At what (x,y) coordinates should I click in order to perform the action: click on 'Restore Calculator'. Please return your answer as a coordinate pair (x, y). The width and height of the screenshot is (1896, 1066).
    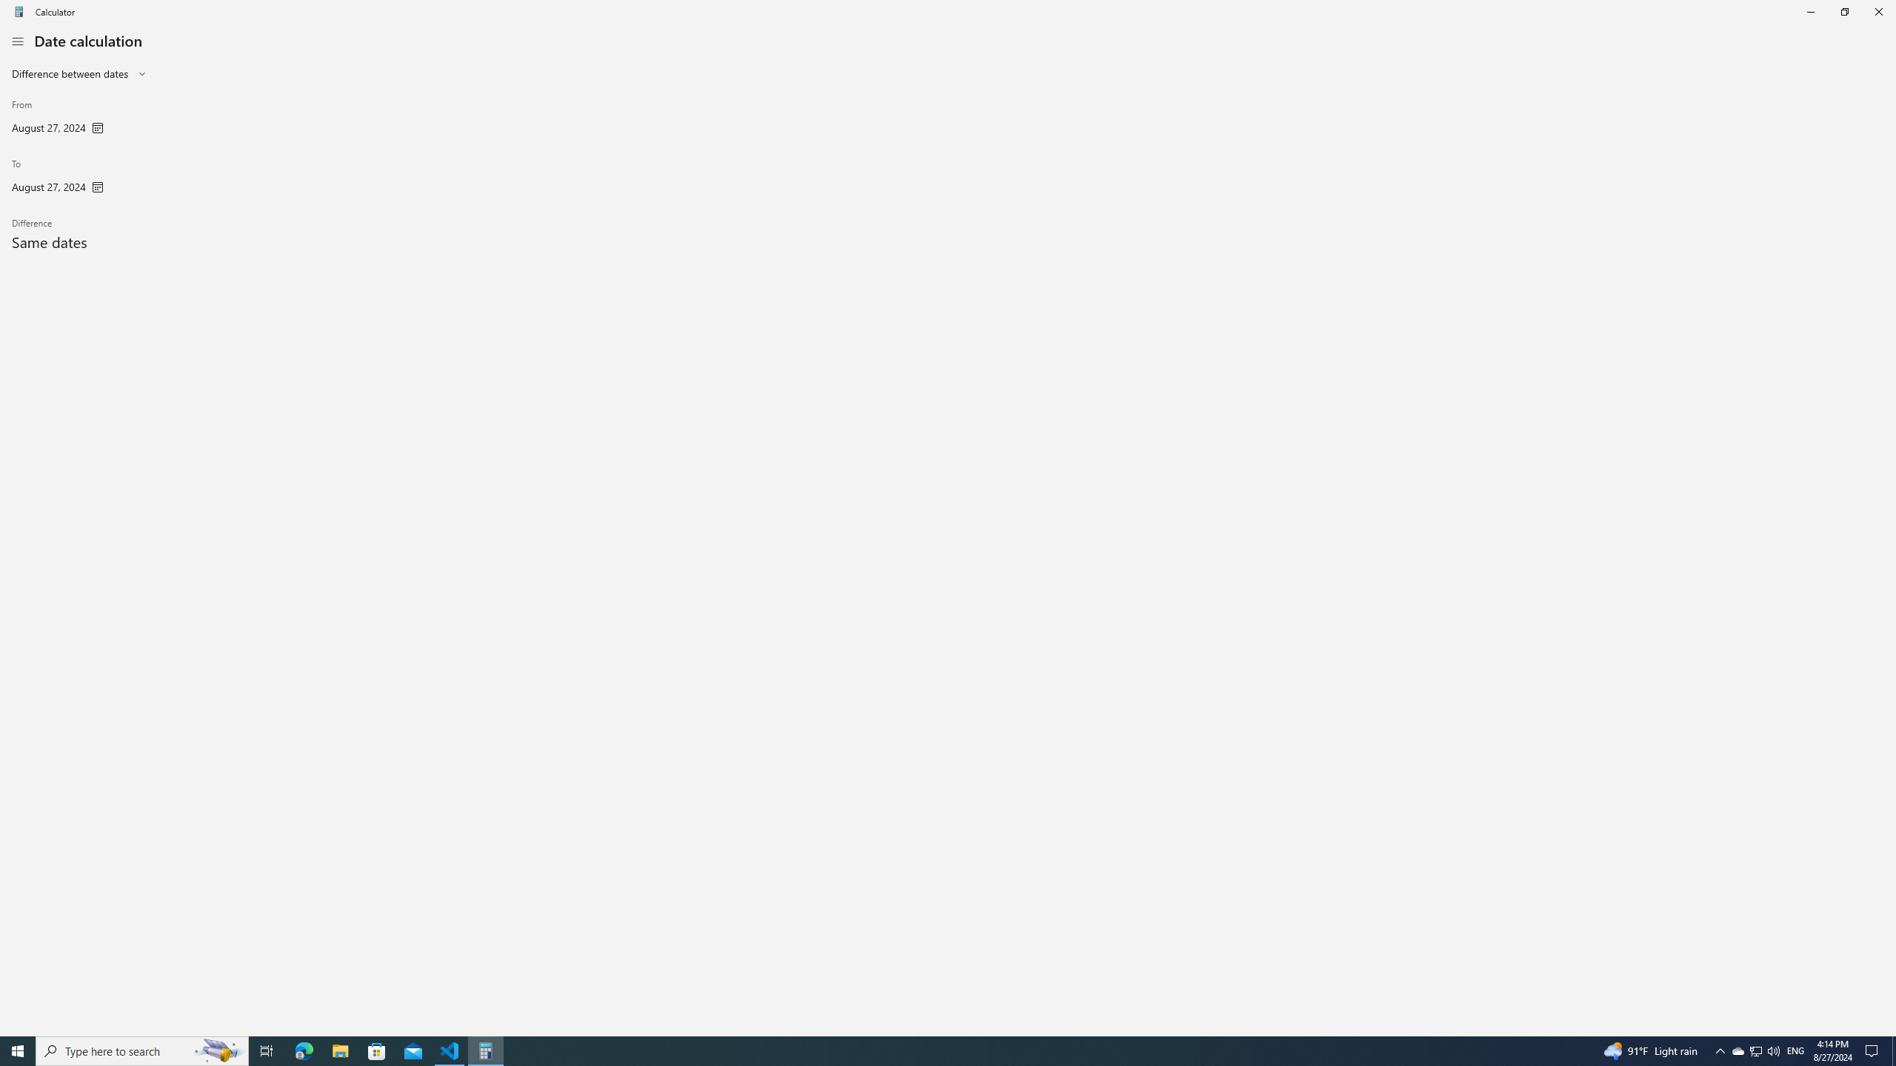
    Looking at the image, I should click on (1844, 11).